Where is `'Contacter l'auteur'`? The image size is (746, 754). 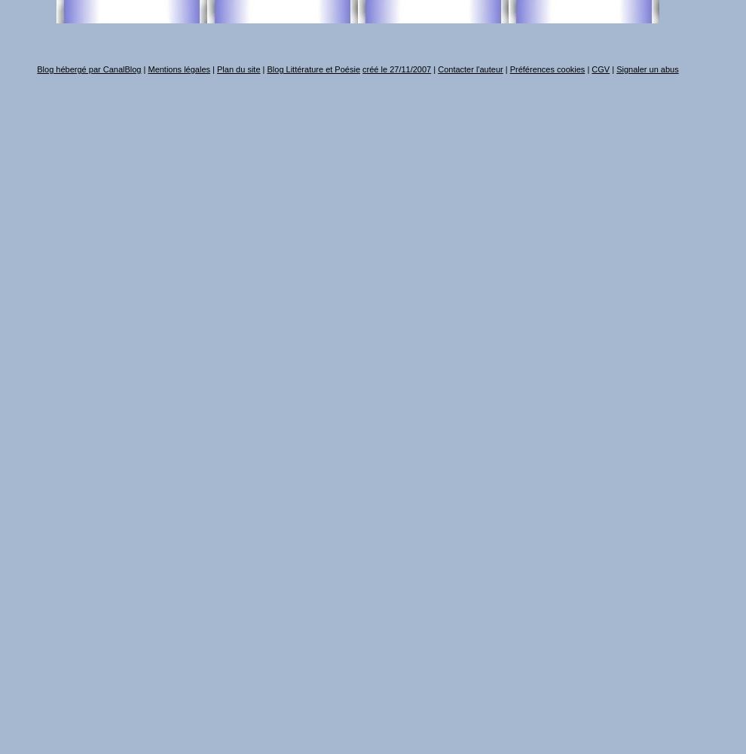 'Contacter l'auteur' is located at coordinates (469, 69).